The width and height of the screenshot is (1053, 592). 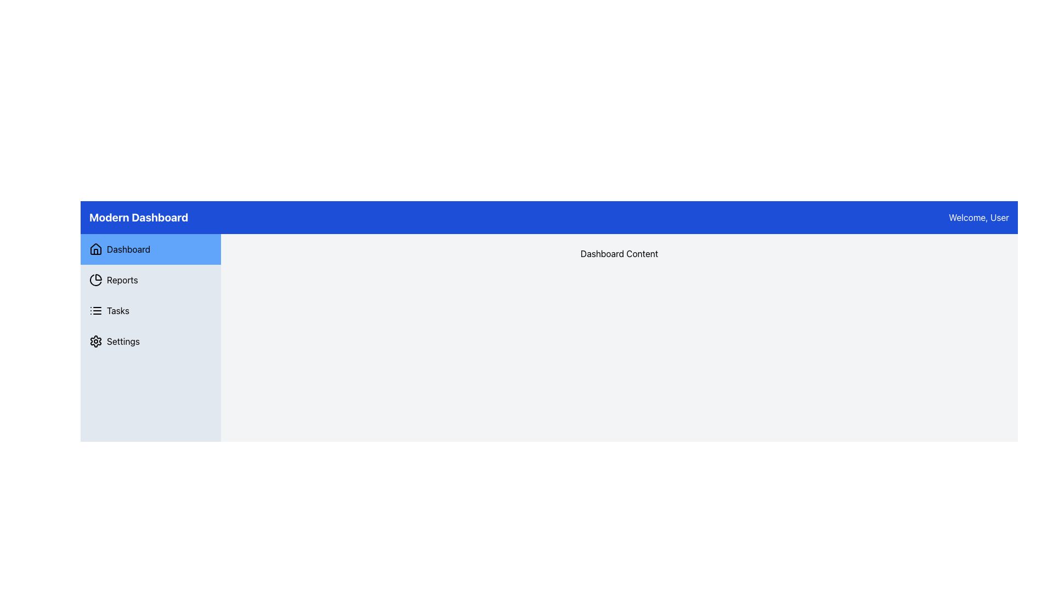 What do you see at coordinates (95, 311) in the screenshot?
I see `the compact icon composed of three horizontal lines, which resembles a list or menu symbol, located in the sidebar next to the 'Tasks' label` at bounding box center [95, 311].